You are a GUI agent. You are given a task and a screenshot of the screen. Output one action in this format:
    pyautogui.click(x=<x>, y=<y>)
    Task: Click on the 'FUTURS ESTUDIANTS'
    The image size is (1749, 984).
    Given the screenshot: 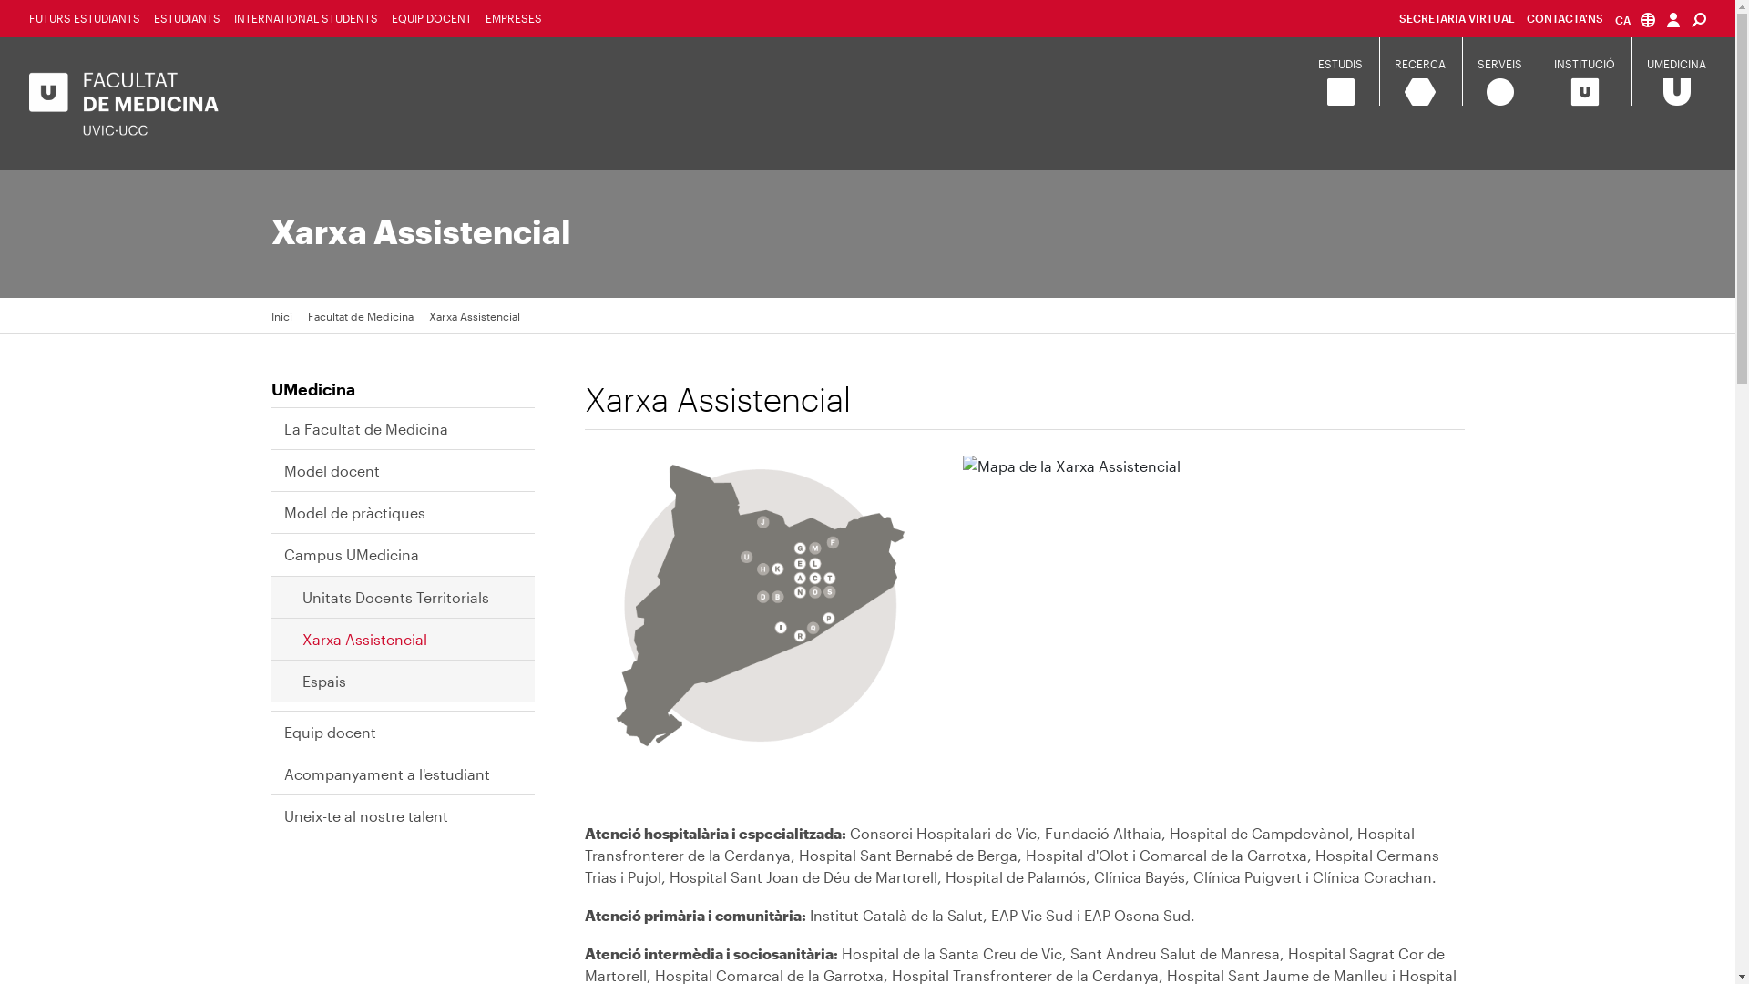 What is the action you would take?
    pyautogui.click(x=83, y=17)
    